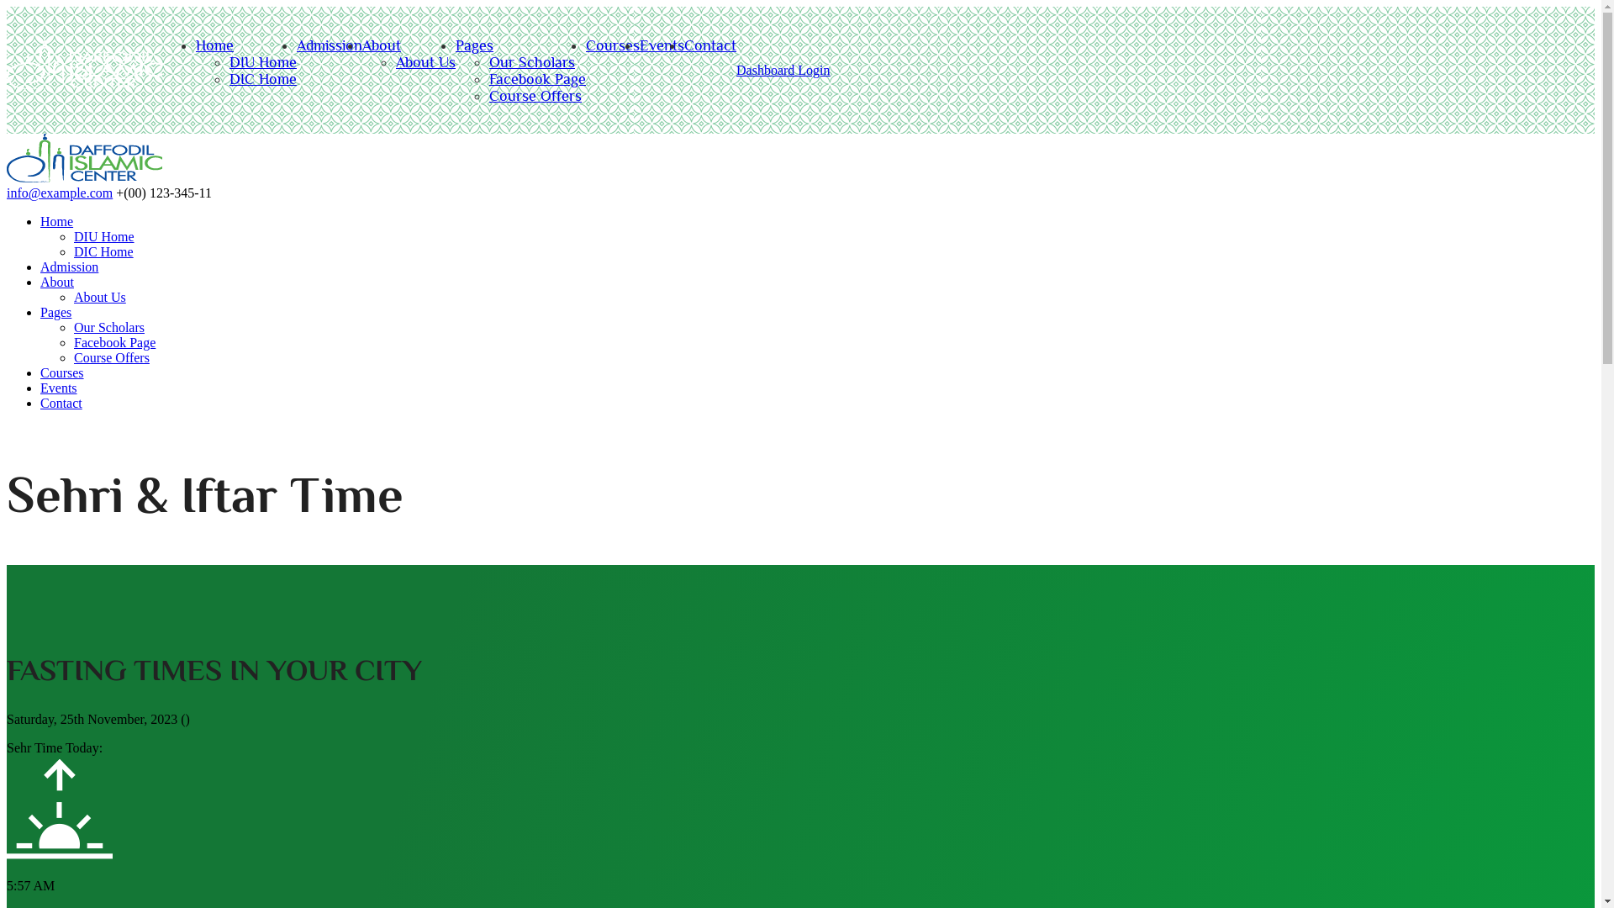 The image size is (1614, 908). Describe the element at coordinates (40, 312) in the screenshot. I see `'Pages'` at that location.